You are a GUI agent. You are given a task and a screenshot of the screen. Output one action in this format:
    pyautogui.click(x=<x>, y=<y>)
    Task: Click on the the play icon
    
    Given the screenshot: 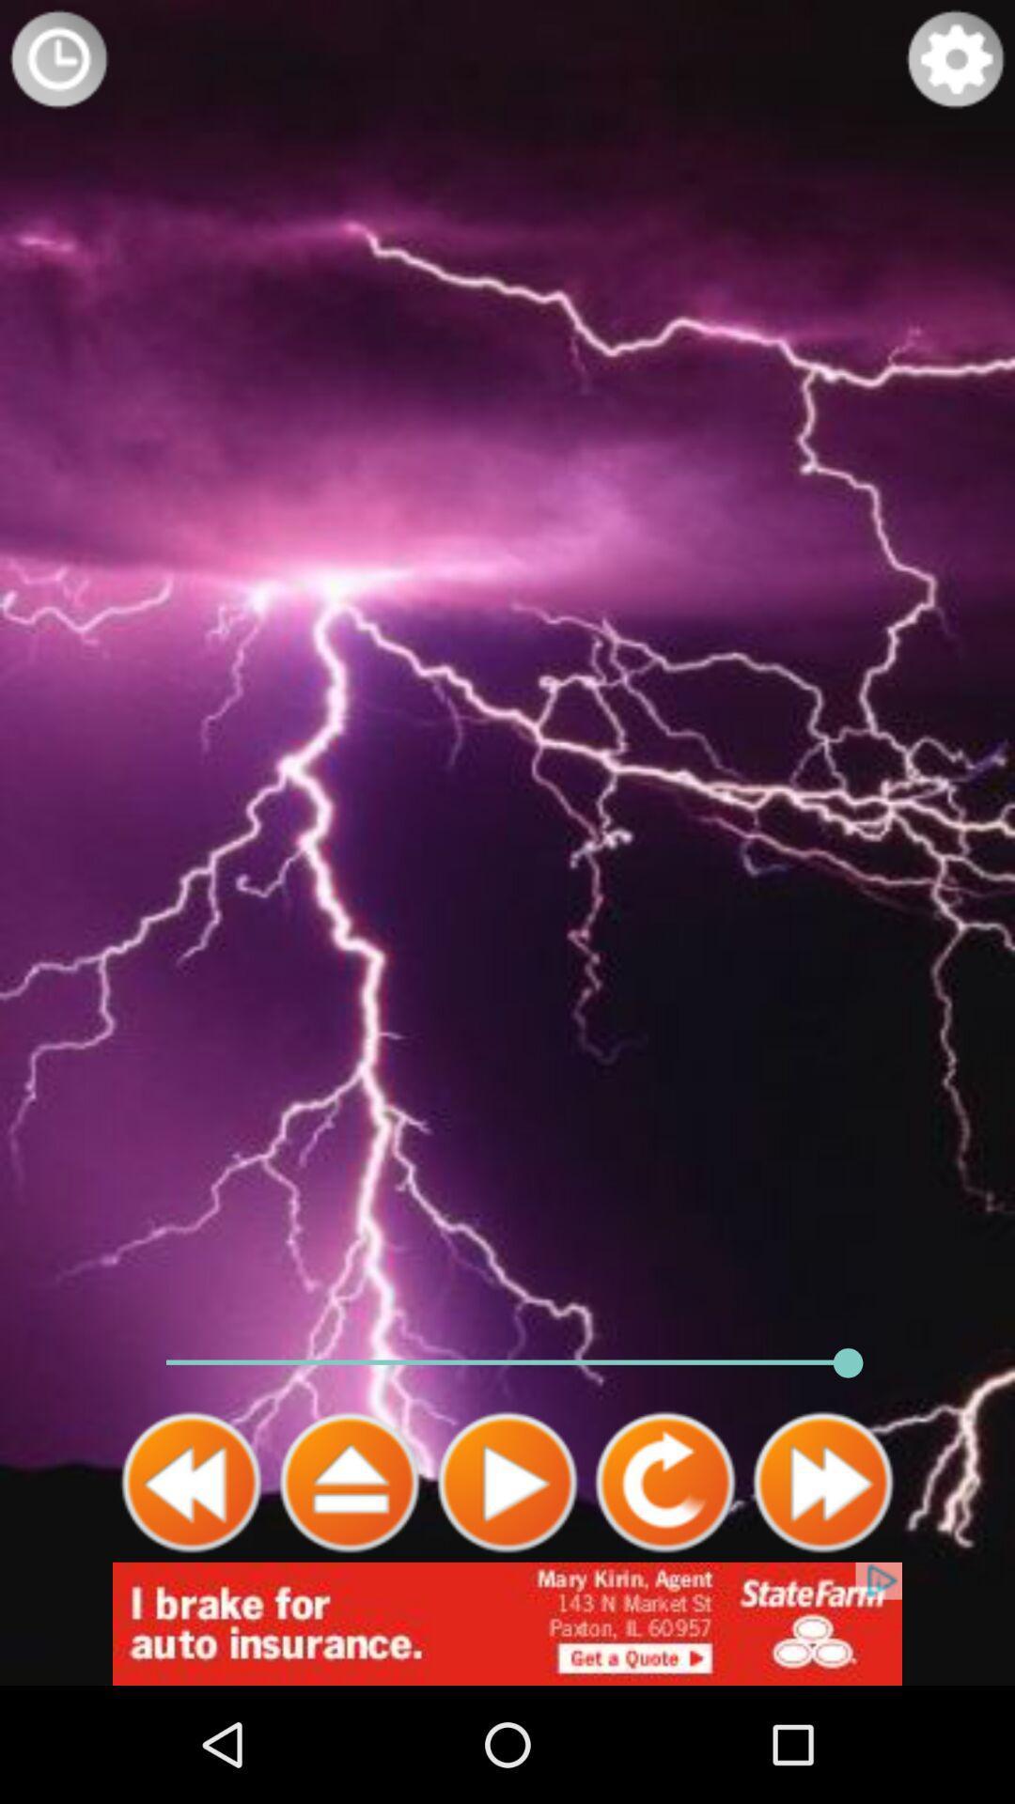 What is the action you would take?
    pyautogui.click(x=507, y=1586)
    